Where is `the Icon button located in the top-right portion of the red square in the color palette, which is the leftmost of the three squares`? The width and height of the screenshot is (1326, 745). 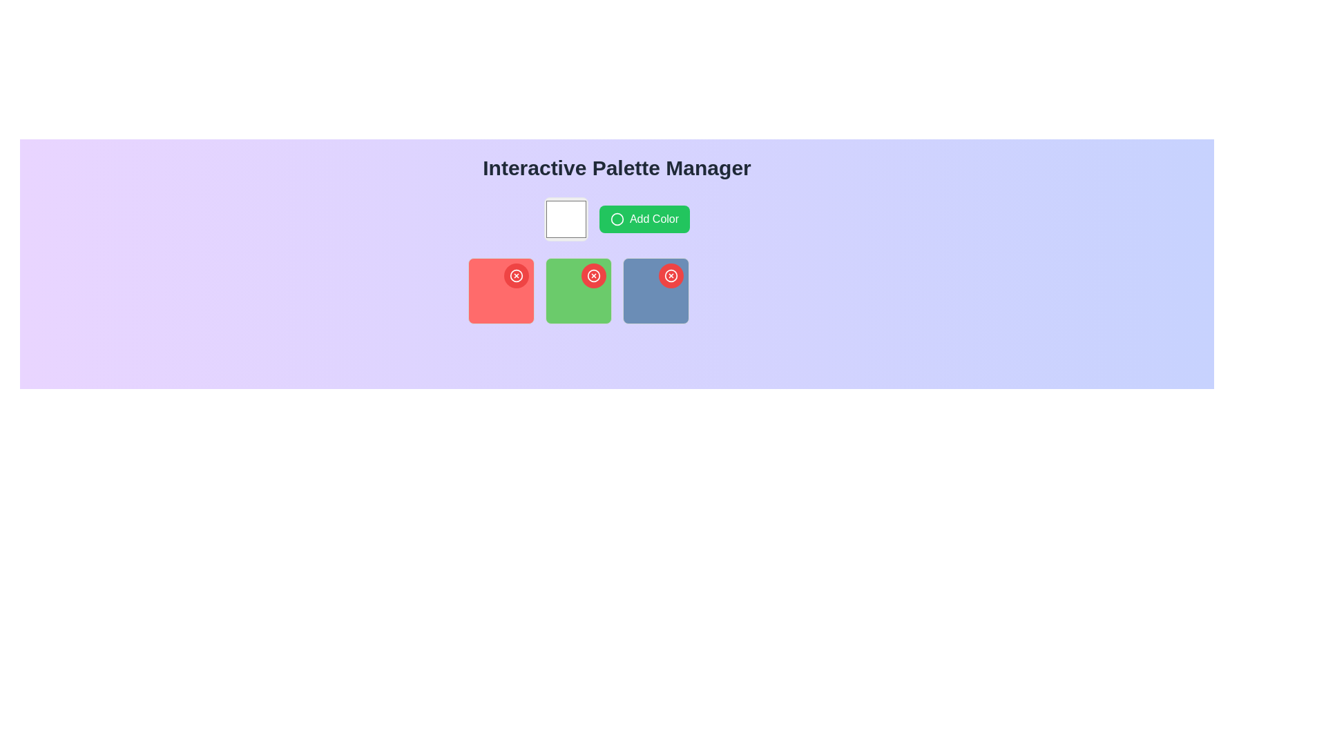 the Icon button located in the top-right portion of the red square in the color palette, which is the leftmost of the three squares is located at coordinates (515, 276).